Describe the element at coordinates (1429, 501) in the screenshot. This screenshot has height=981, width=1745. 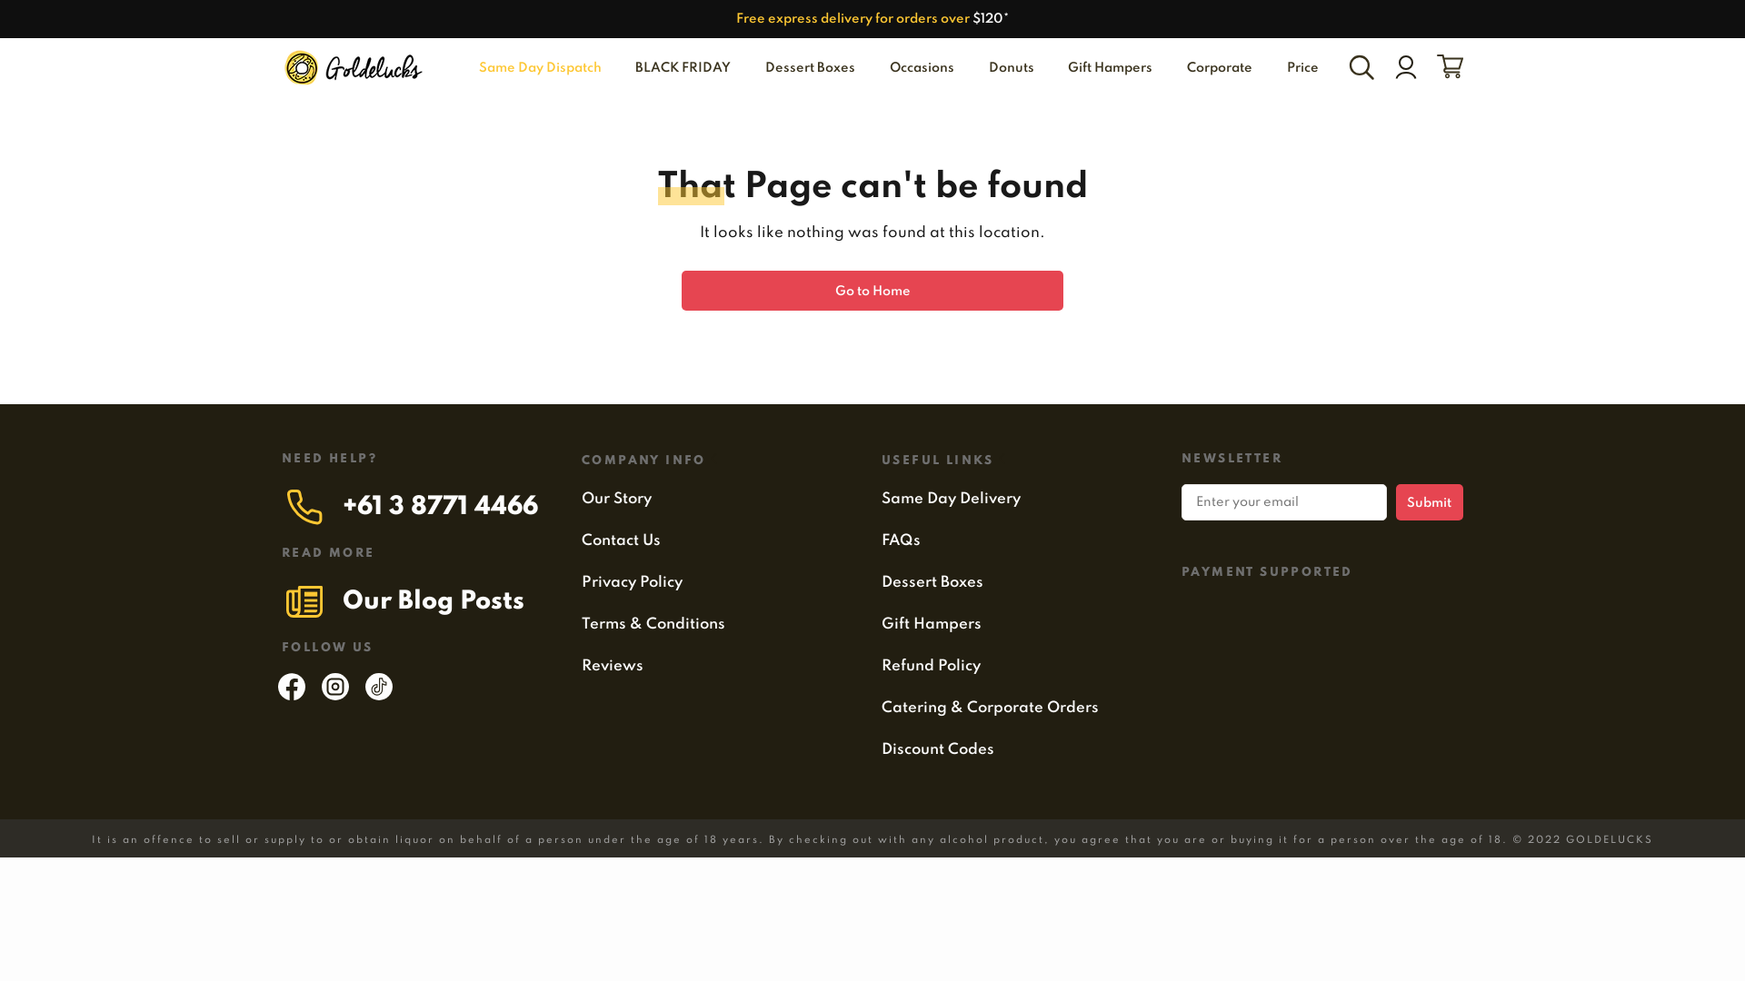
I see `'Submit'` at that location.